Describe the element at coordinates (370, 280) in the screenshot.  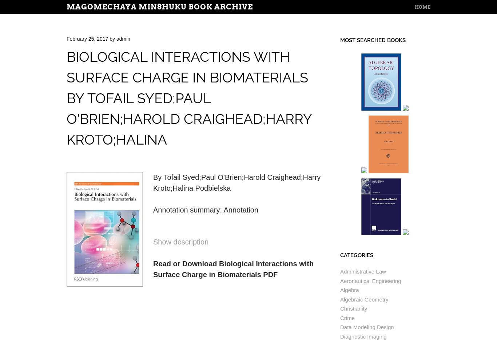
I see `'Aeronautical Engineering'` at that location.